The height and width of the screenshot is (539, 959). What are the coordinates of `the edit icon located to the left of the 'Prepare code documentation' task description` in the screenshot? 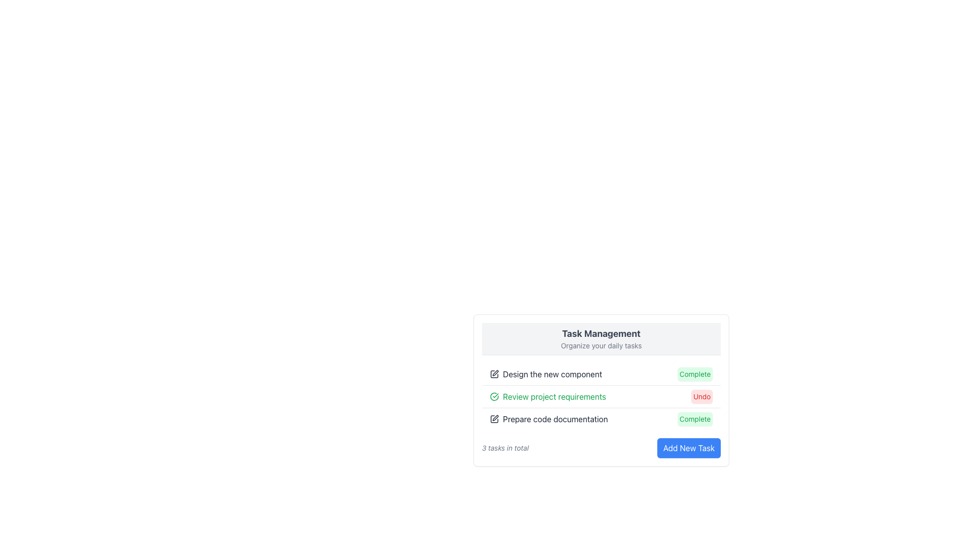 It's located at (495, 418).